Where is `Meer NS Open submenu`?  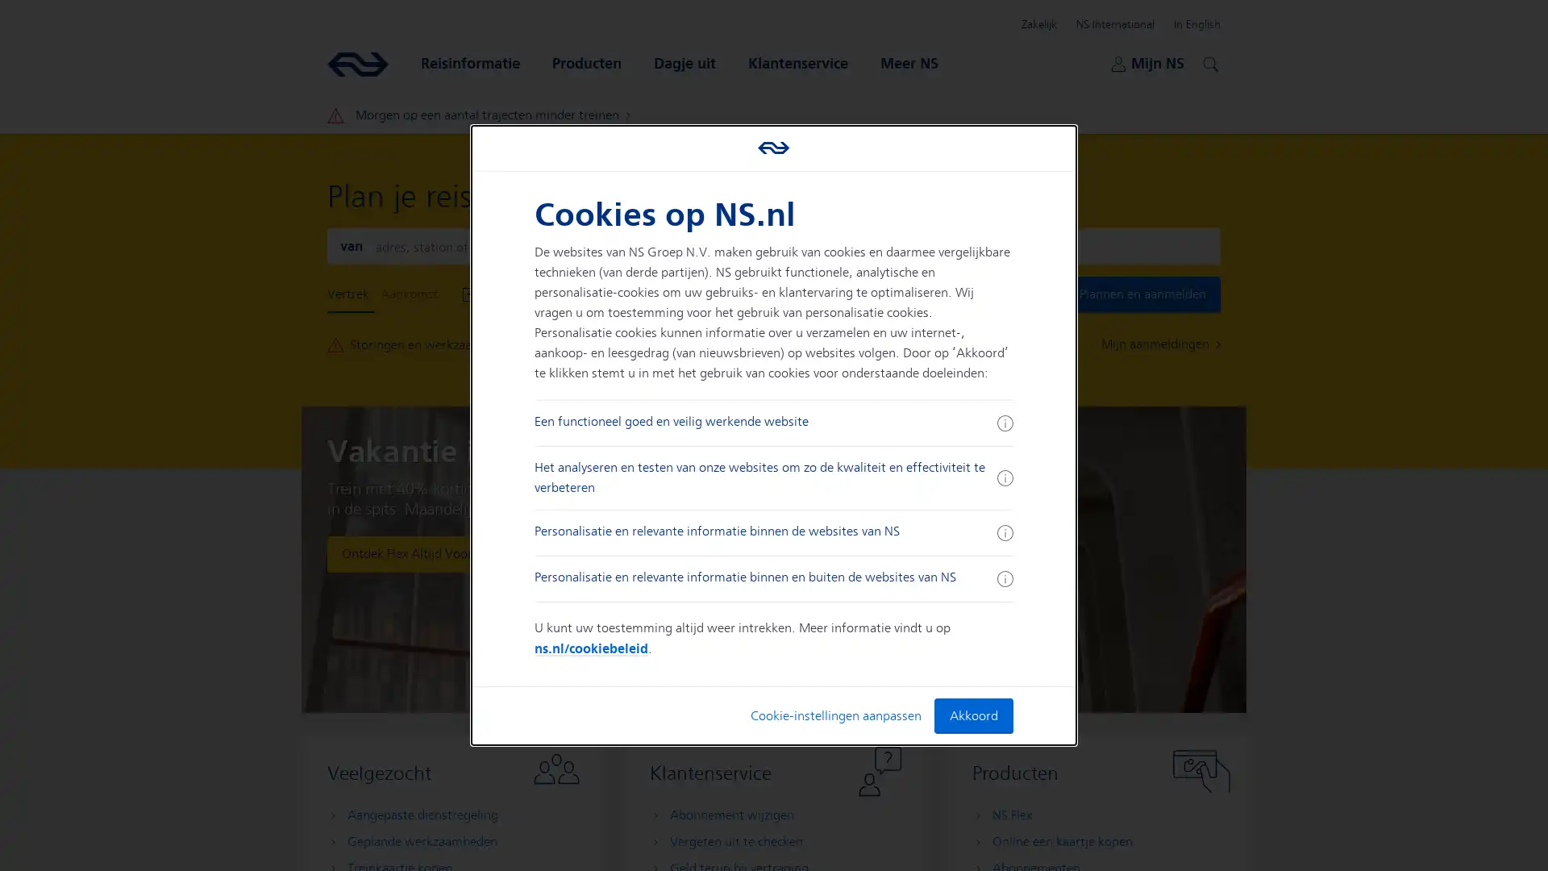 Meer NS Open submenu is located at coordinates (909, 62).